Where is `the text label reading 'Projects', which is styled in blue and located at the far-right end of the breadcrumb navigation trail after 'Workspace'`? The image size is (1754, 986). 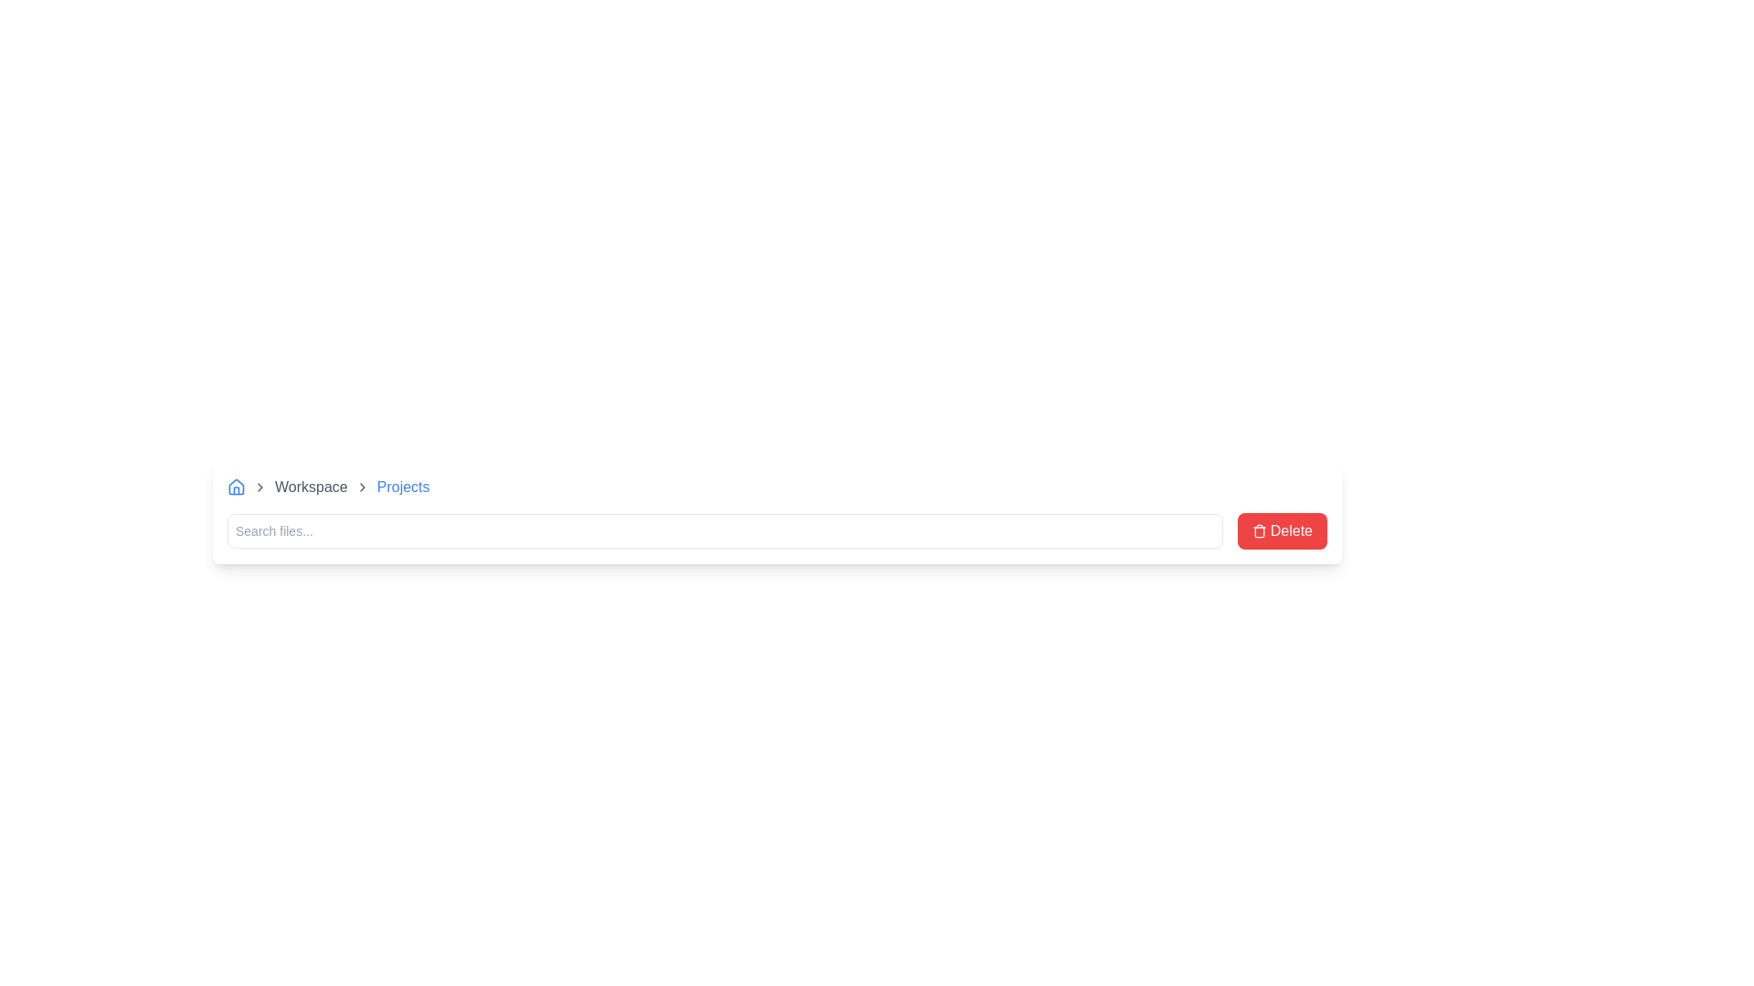
the text label reading 'Projects', which is styled in blue and located at the far-right end of the breadcrumb navigation trail after 'Workspace' is located at coordinates (402, 486).